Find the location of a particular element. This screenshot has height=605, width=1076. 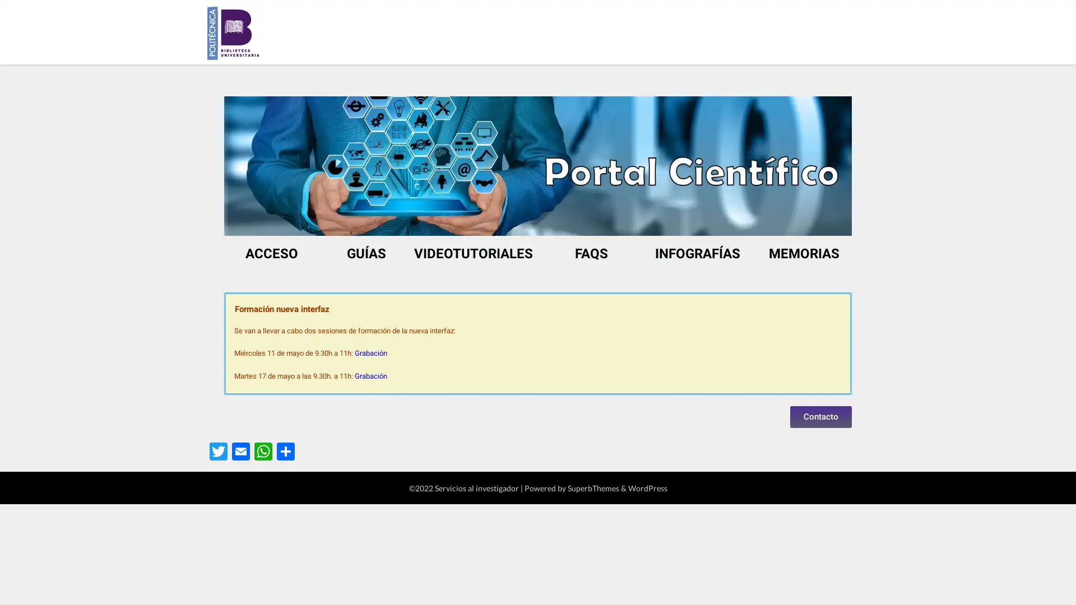

Aceptar is located at coordinates (699, 587).